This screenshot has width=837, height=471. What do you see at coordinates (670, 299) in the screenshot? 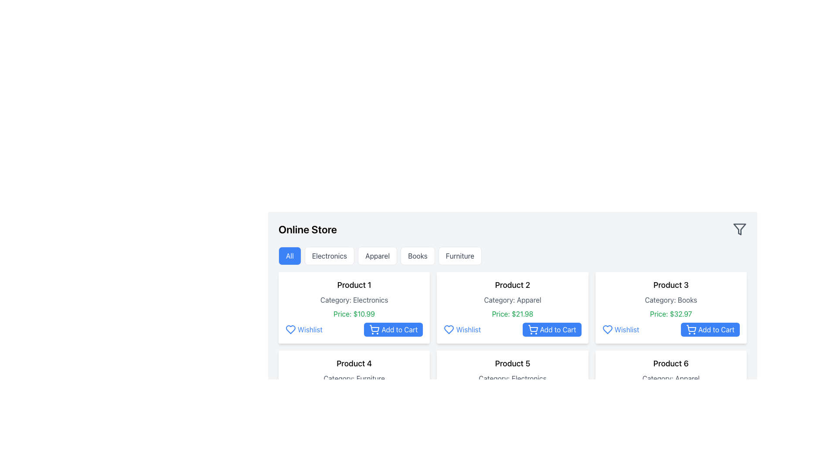
I see `the Text Label that indicates the category of 'Product 3', which is located in the third column of the online store grid, directly beneath the product title and above the price information` at bounding box center [670, 299].